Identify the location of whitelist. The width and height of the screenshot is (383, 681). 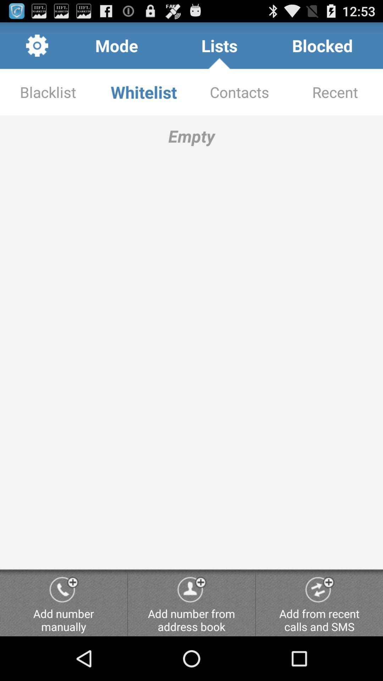
(144, 92).